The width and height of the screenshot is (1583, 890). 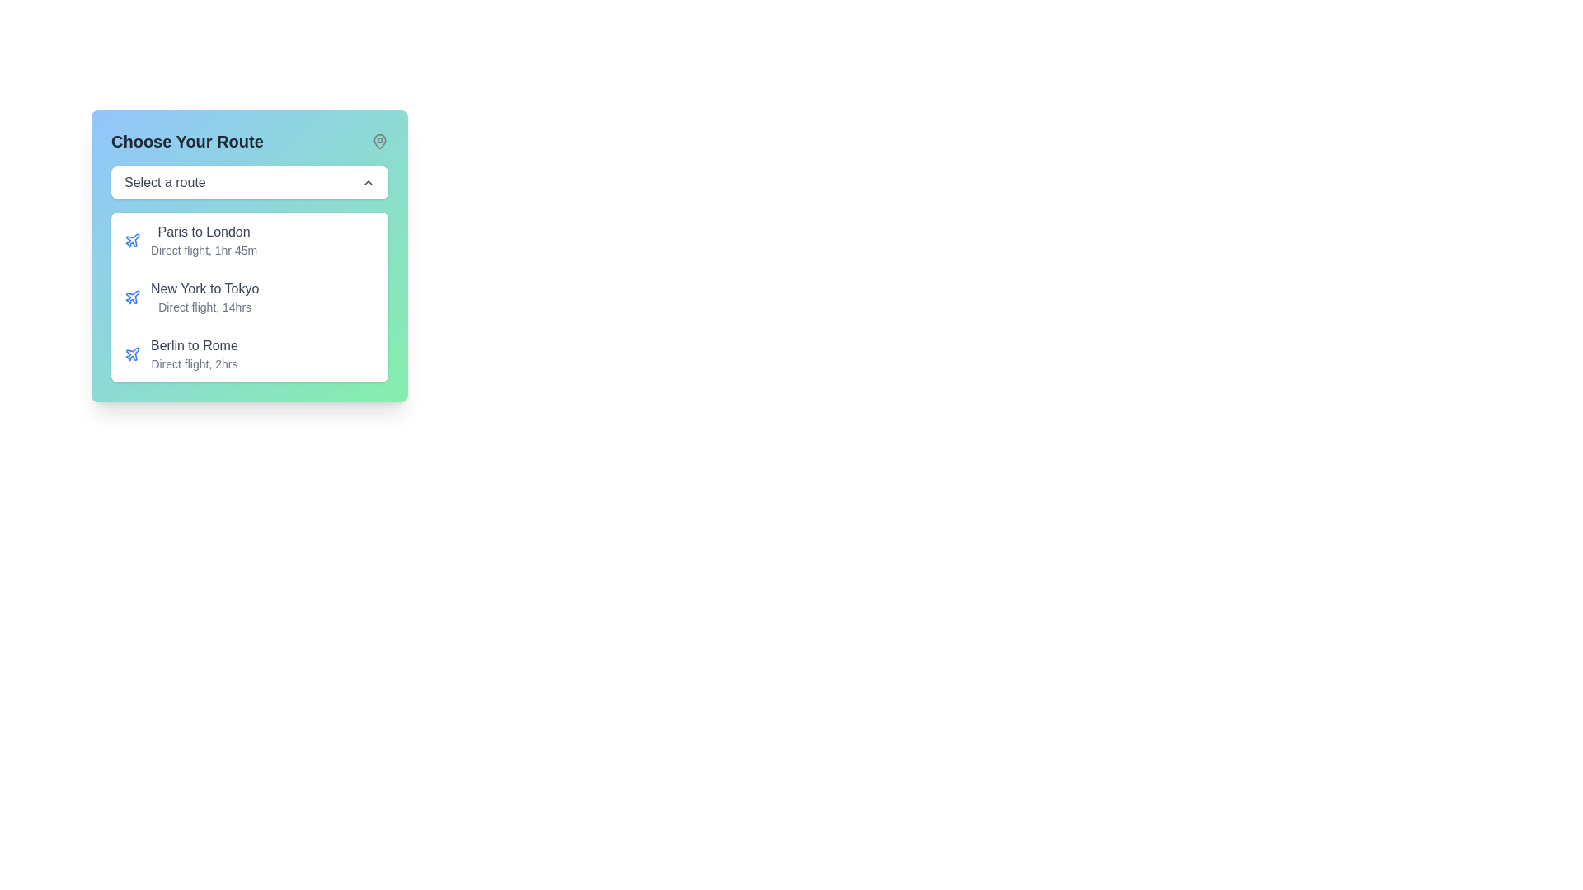 What do you see at coordinates (248, 297) in the screenshot?
I see `the second list item in the flight options` at bounding box center [248, 297].